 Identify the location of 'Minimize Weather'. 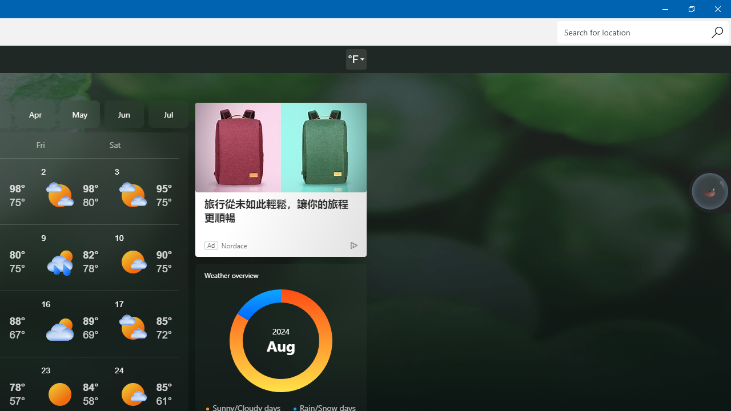
(665, 9).